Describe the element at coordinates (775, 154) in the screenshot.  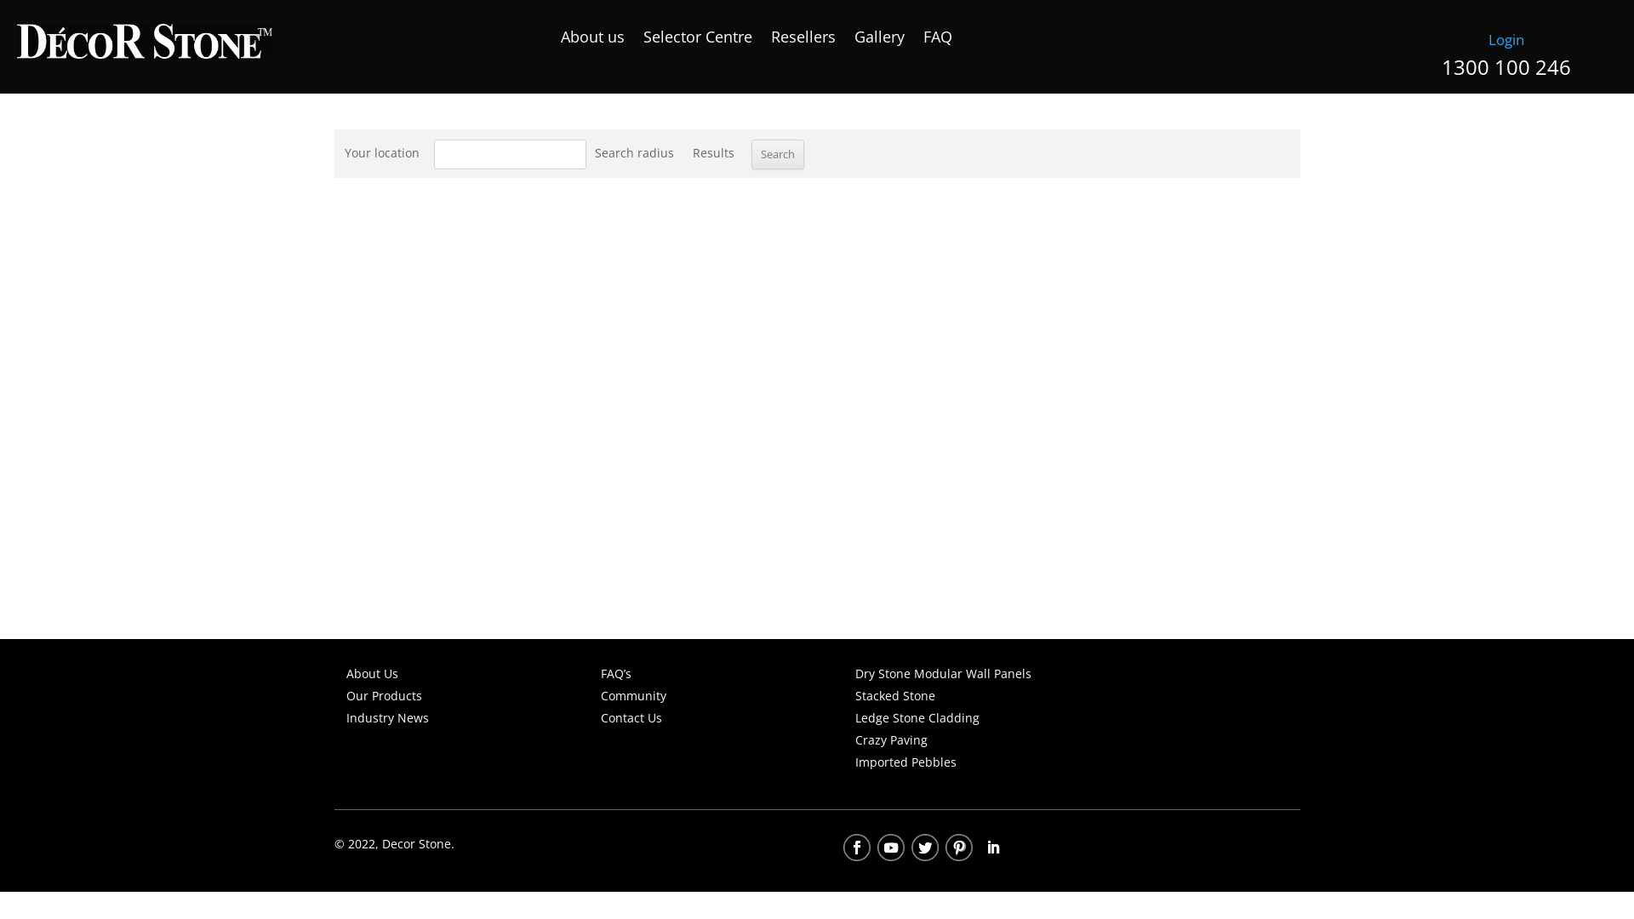
I see `'Search'` at that location.